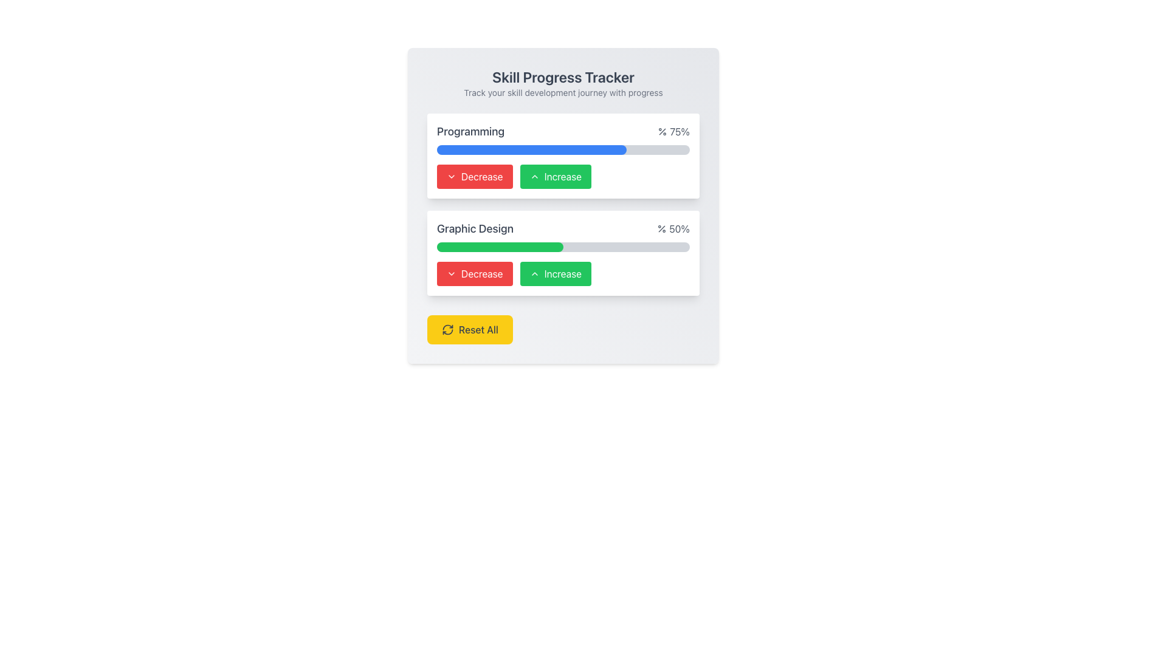 Image resolution: width=1167 pixels, height=656 pixels. Describe the element at coordinates (662, 131) in the screenshot. I see `the decorative diagonal line within the percentage symbol icon, which is located to the left of the Programming progress percentage text (75%) in the top progress tracker box` at that location.